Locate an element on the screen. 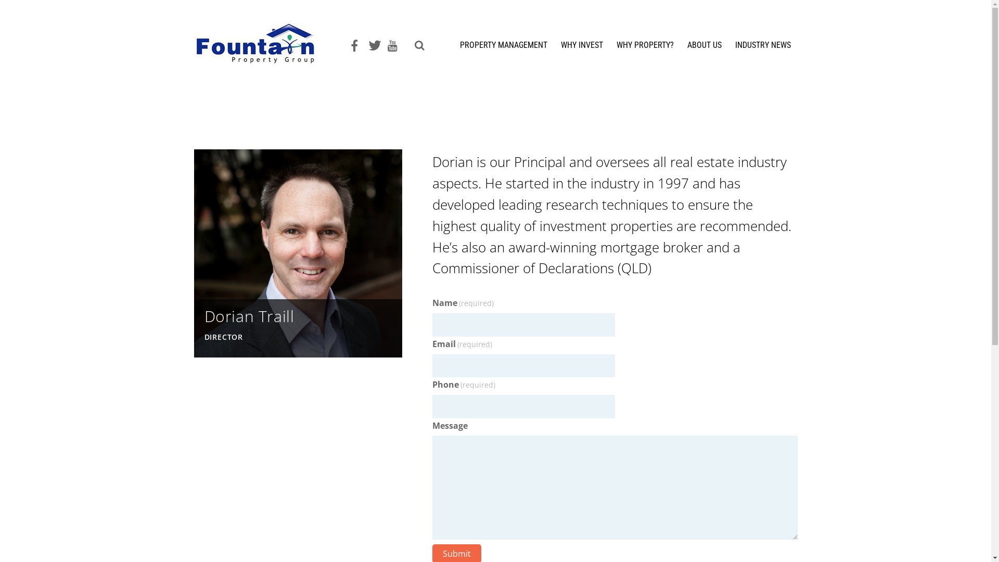  'ABOUT US' is located at coordinates (704, 49).